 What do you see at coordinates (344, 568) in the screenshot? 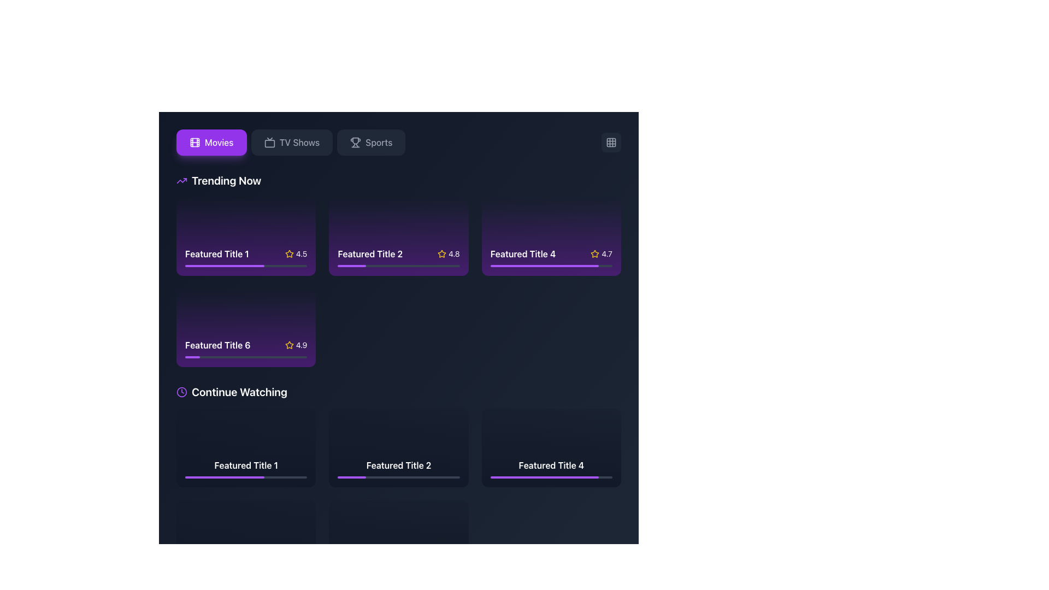
I see `the purple progress bar segment indicating the progress of 'Featured Title 1' in the 'Continue Watching' section to possibly display additional information` at bounding box center [344, 568].